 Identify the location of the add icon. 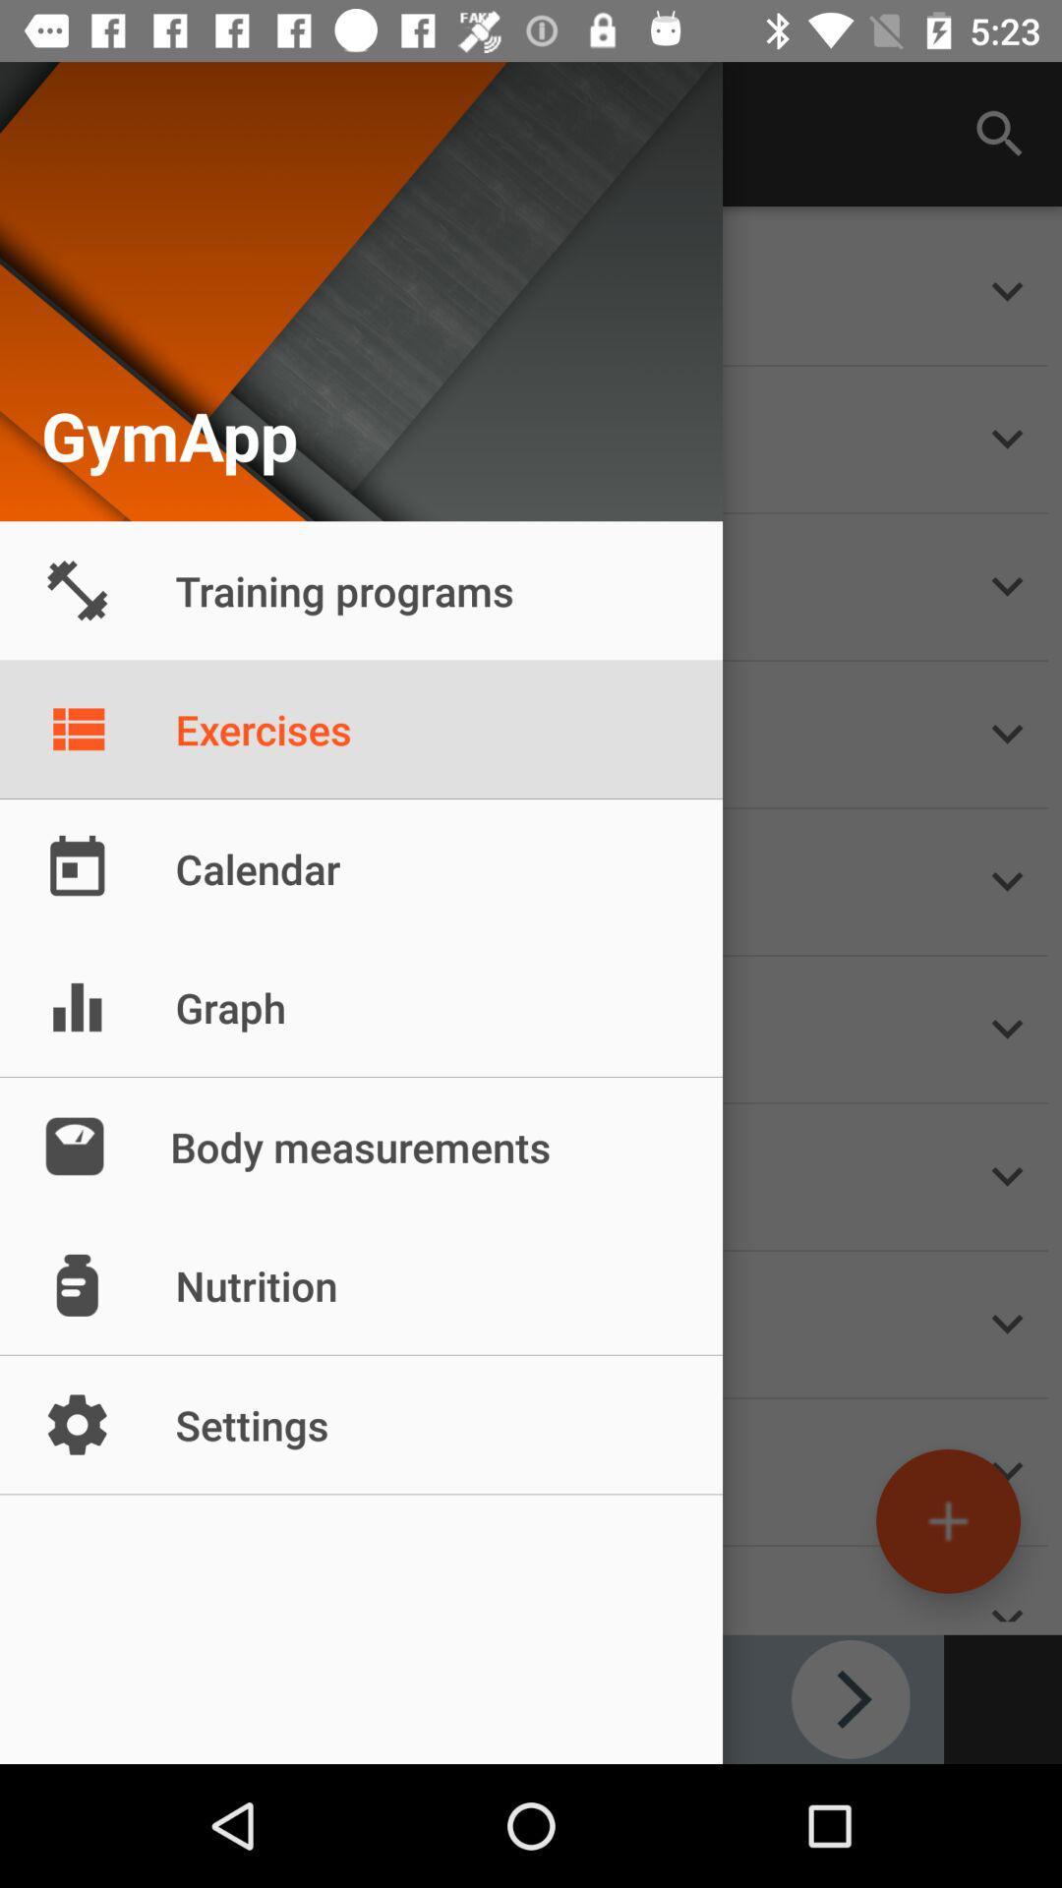
(947, 1520).